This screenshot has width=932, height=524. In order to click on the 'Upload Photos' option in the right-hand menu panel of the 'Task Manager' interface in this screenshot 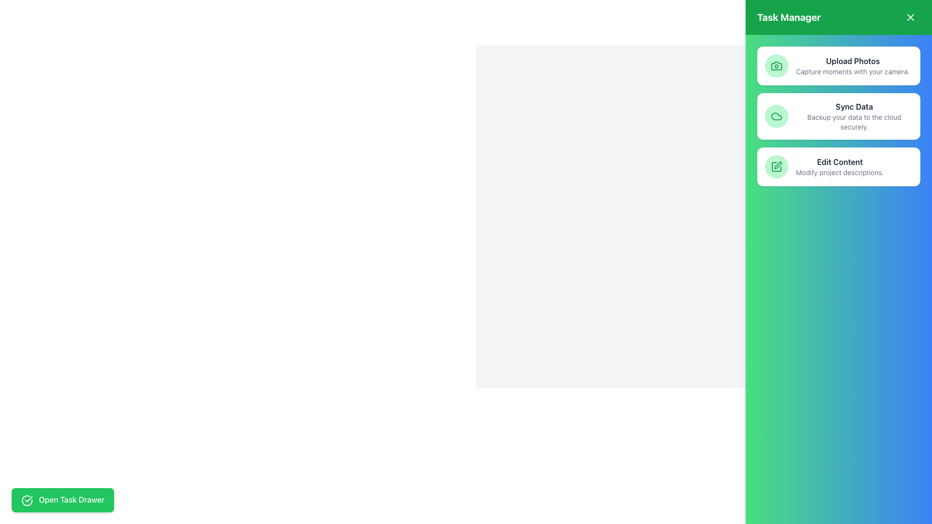, I will do `click(776, 65)`.